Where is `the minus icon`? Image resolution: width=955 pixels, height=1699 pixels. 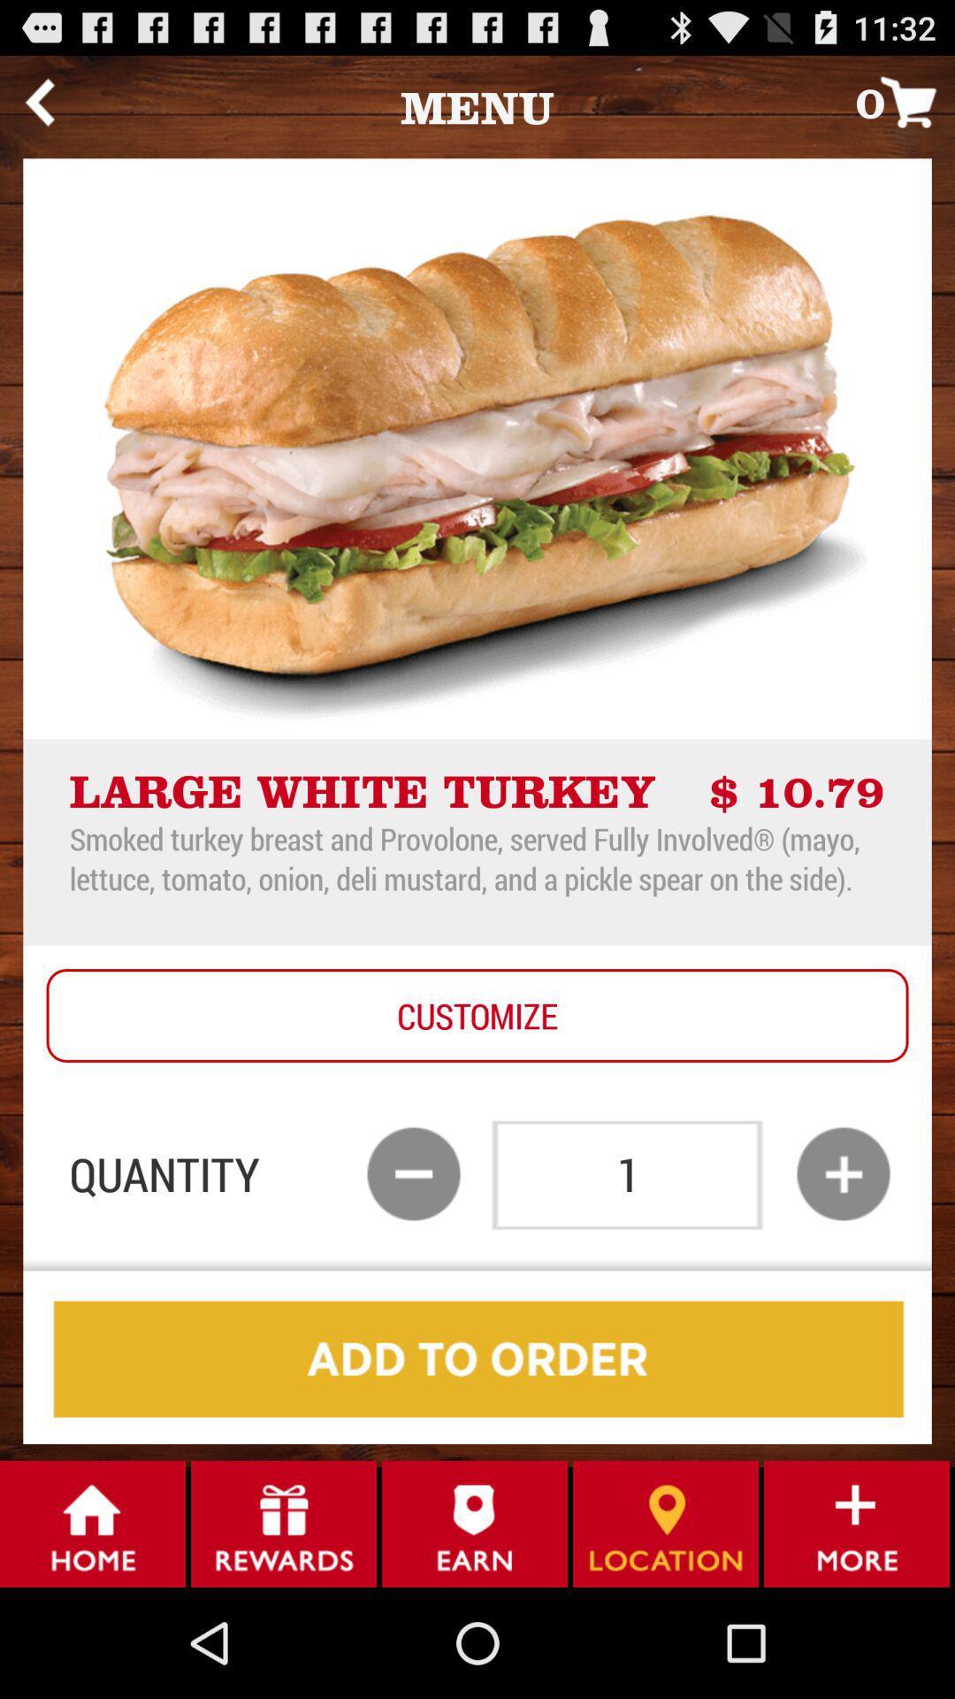 the minus icon is located at coordinates (413, 1255).